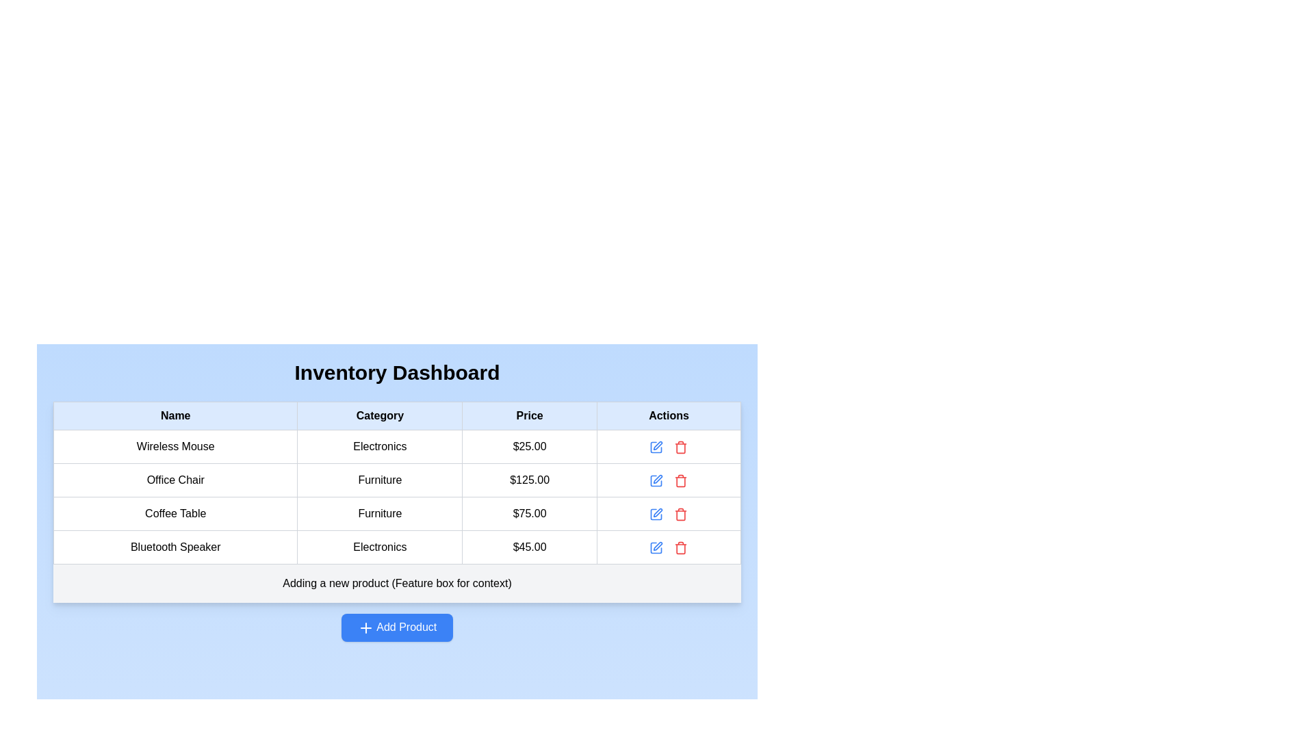 Image resolution: width=1314 pixels, height=739 pixels. I want to click on the editing icon for the 'Coffee Table' row, which is a light outline square shape nested within a pen icon in the 'Actions' column, so click(656, 514).